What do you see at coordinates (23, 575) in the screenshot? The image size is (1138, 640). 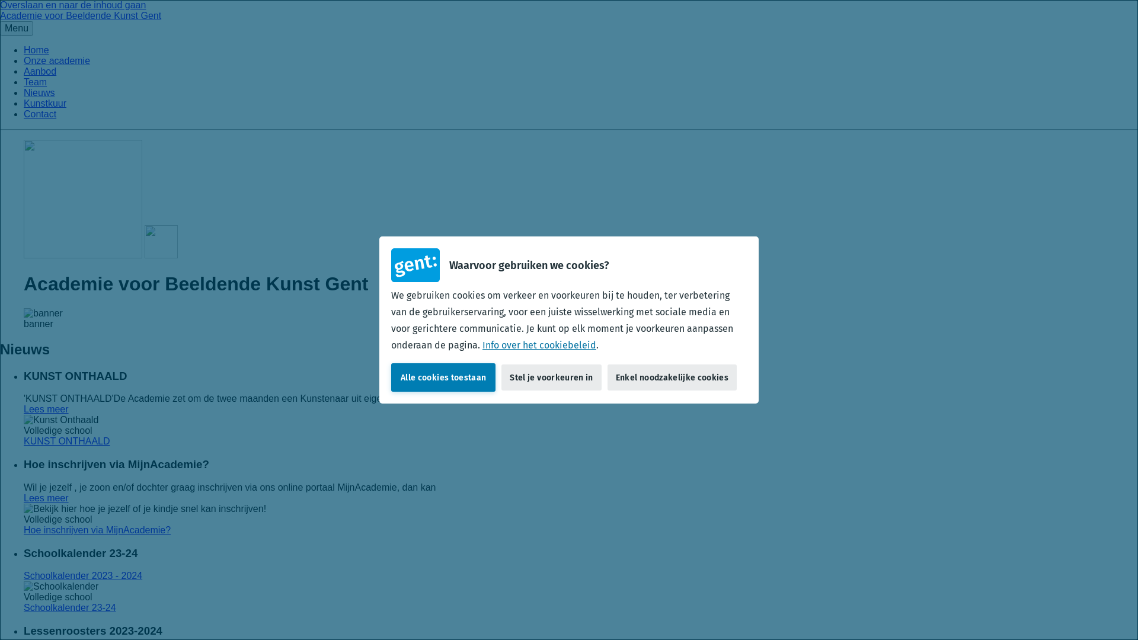 I see `'Schoolkalender 2023 - 2024'` at bounding box center [23, 575].